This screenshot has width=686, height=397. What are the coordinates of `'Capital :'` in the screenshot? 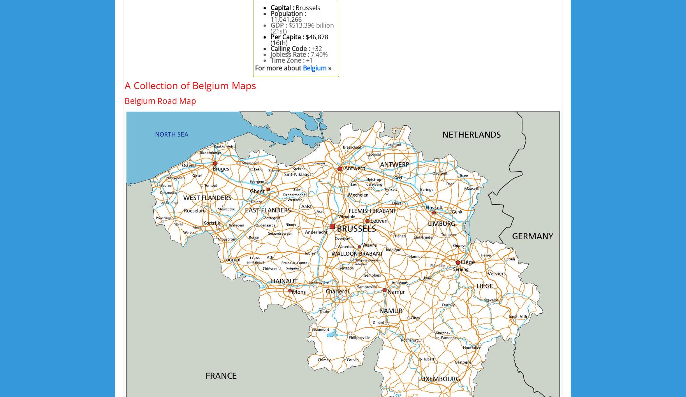 It's located at (283, 7).